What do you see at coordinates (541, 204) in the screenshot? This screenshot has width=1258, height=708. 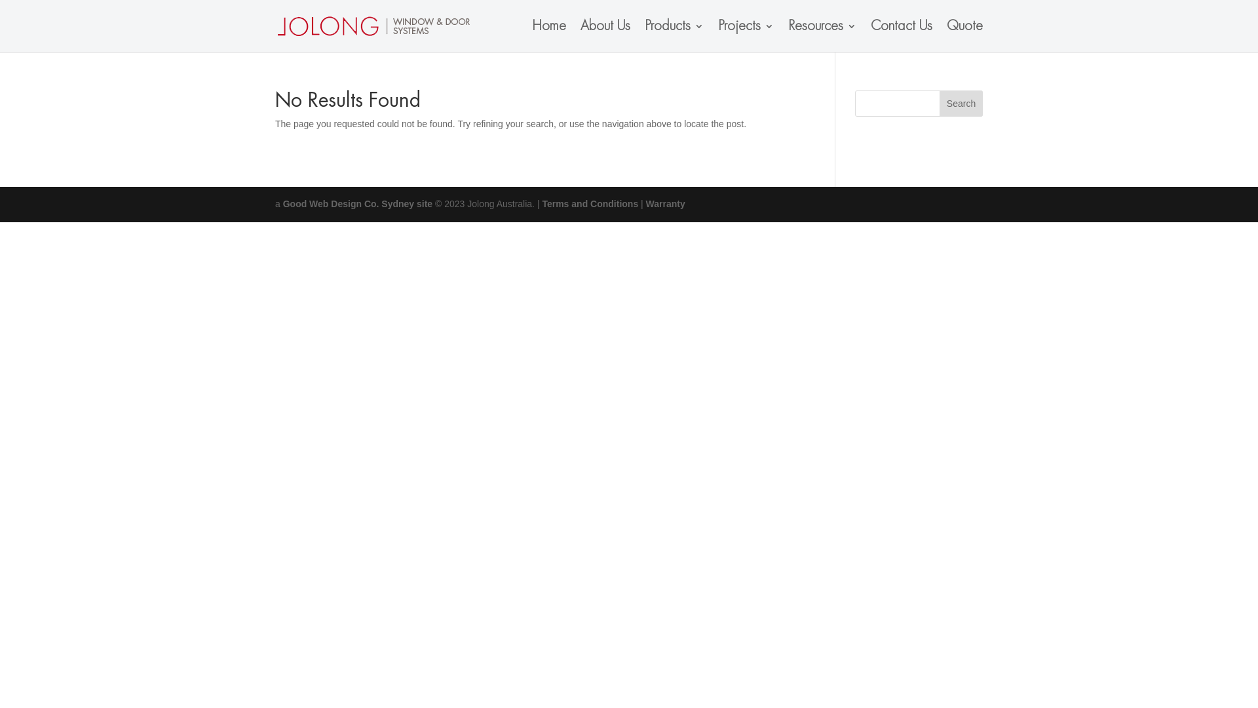 I see `'Terms and Conditions'` at bounding box center [541, 204].